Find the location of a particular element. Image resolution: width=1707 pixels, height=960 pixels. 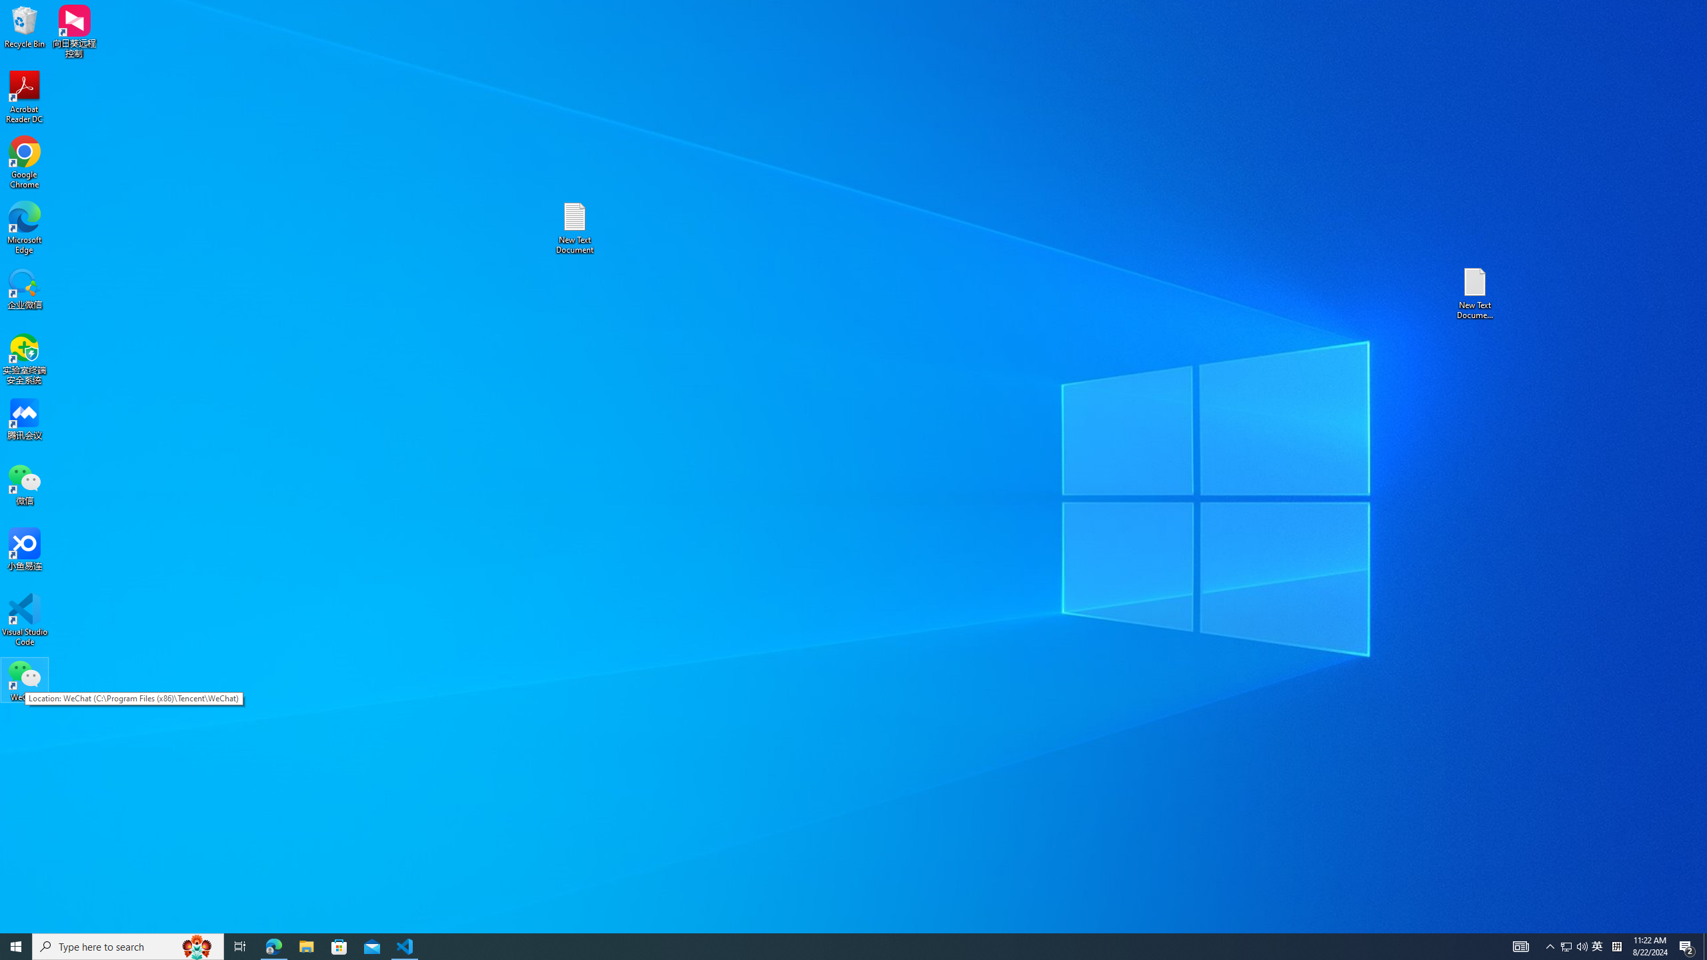

'Recycle Bin' is located at coordinates (24, 25).